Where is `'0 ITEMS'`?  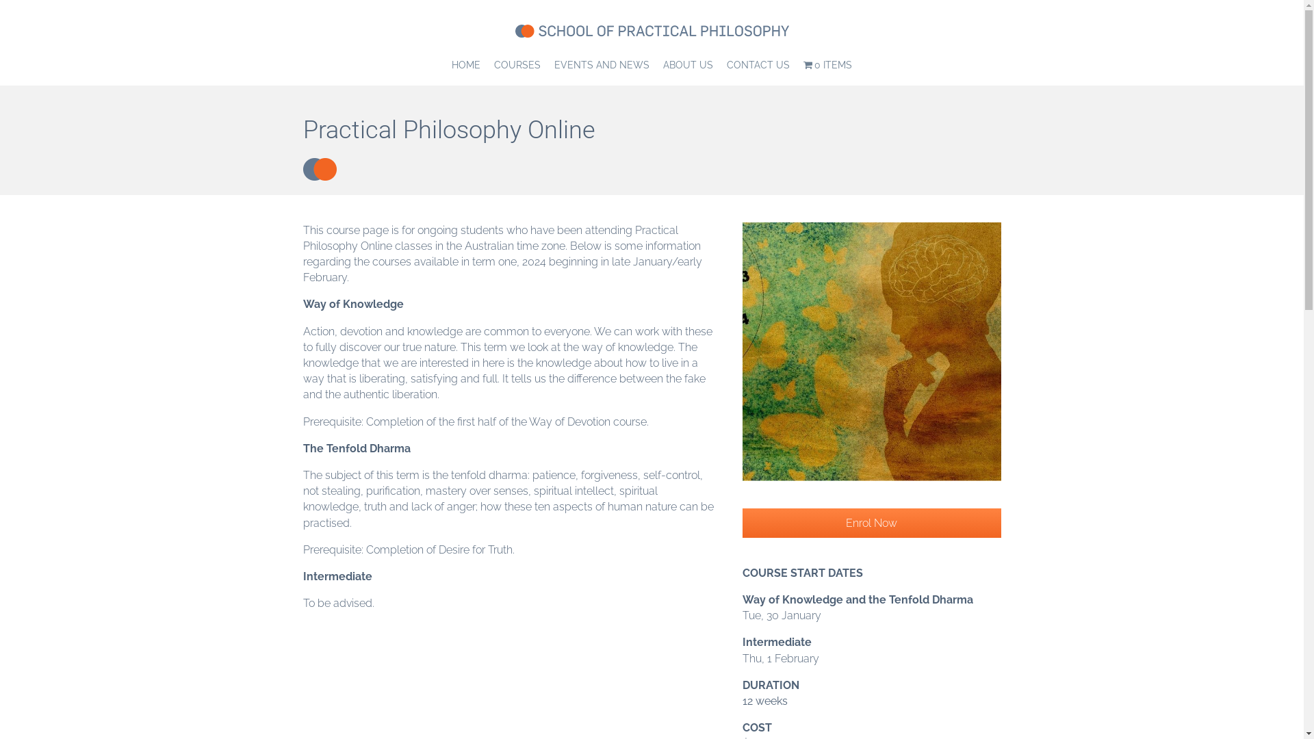
'0 ITEMS' is located at coordinates (827, 65).